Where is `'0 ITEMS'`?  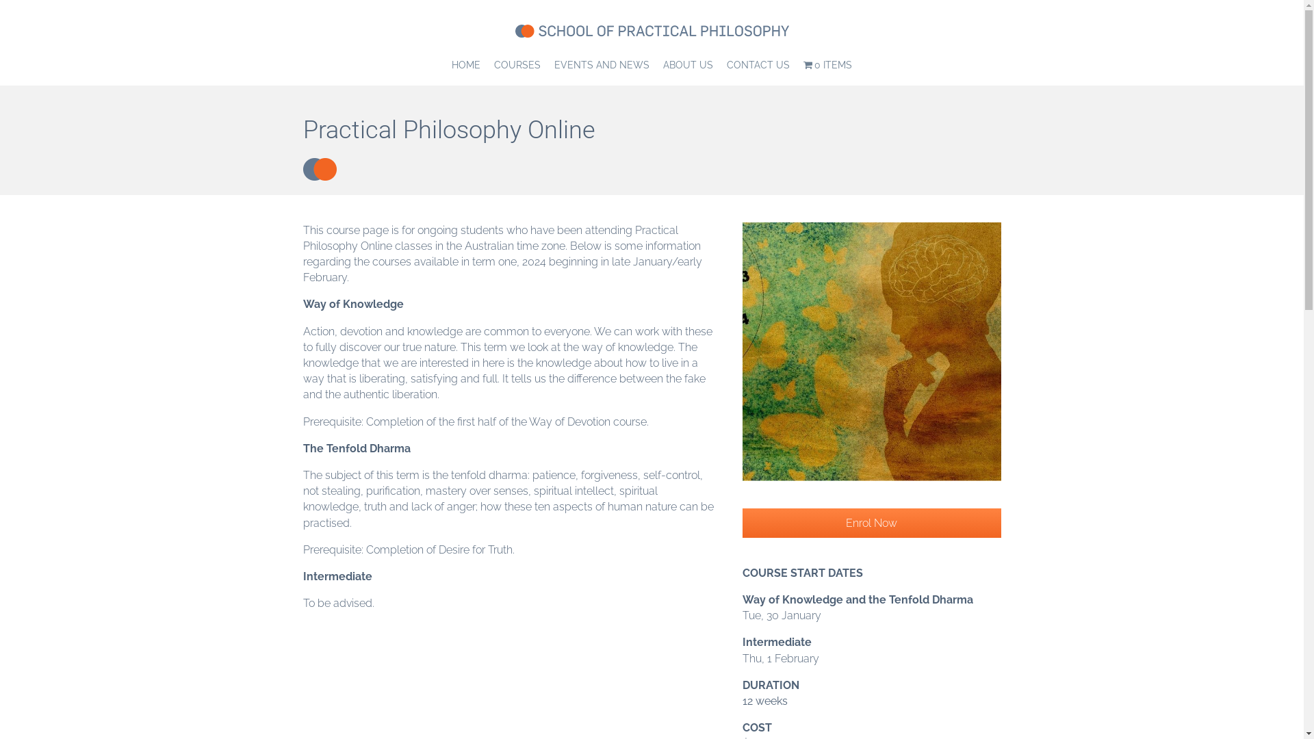
'0 ITEMS' is located at coordinates (827, 65).